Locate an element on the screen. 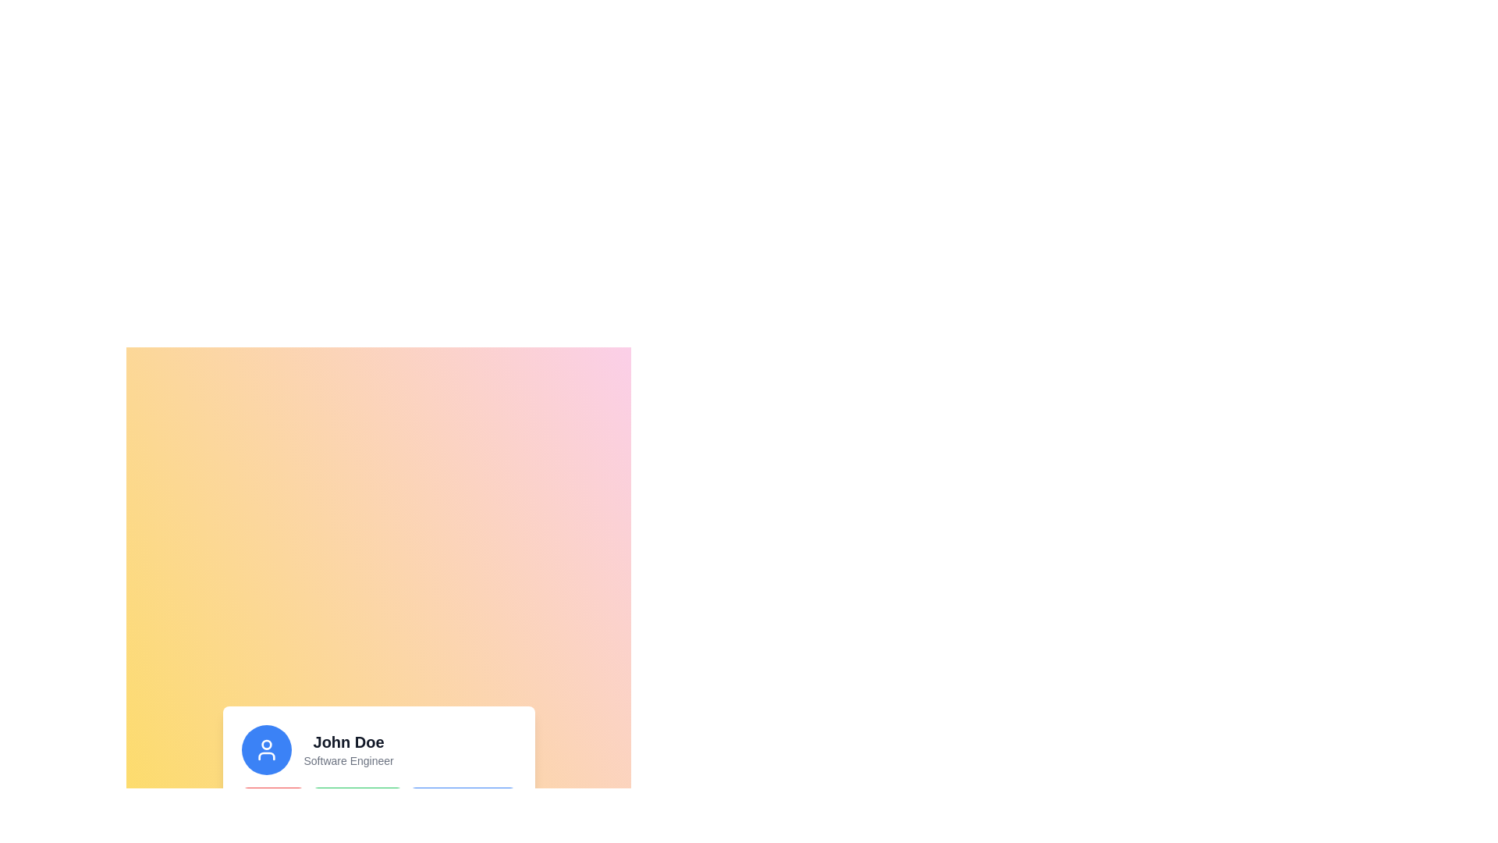 Image resolution: width=1498 pixels, height=843 pixels. the text label displaying 'Software Engineer', which is styled in grayish color and positioned beneath 'John Doe' in the profile card is located at coordinates (348, 760).